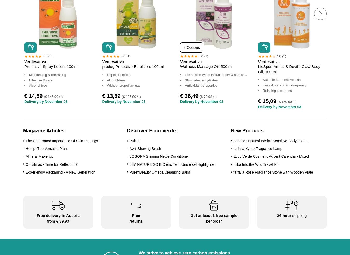 This screenshot has height=255, width=350. I want to click on 'Fast-absorbing & non-greasy', so click(284, 85).